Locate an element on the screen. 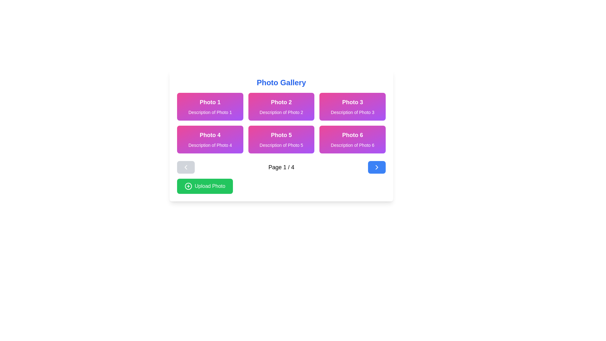 The height and width of the screenshot is (341, 606). the blue rounded rectangle button with a rightward-pointing arrow icon is located at coordinates (377, 167).